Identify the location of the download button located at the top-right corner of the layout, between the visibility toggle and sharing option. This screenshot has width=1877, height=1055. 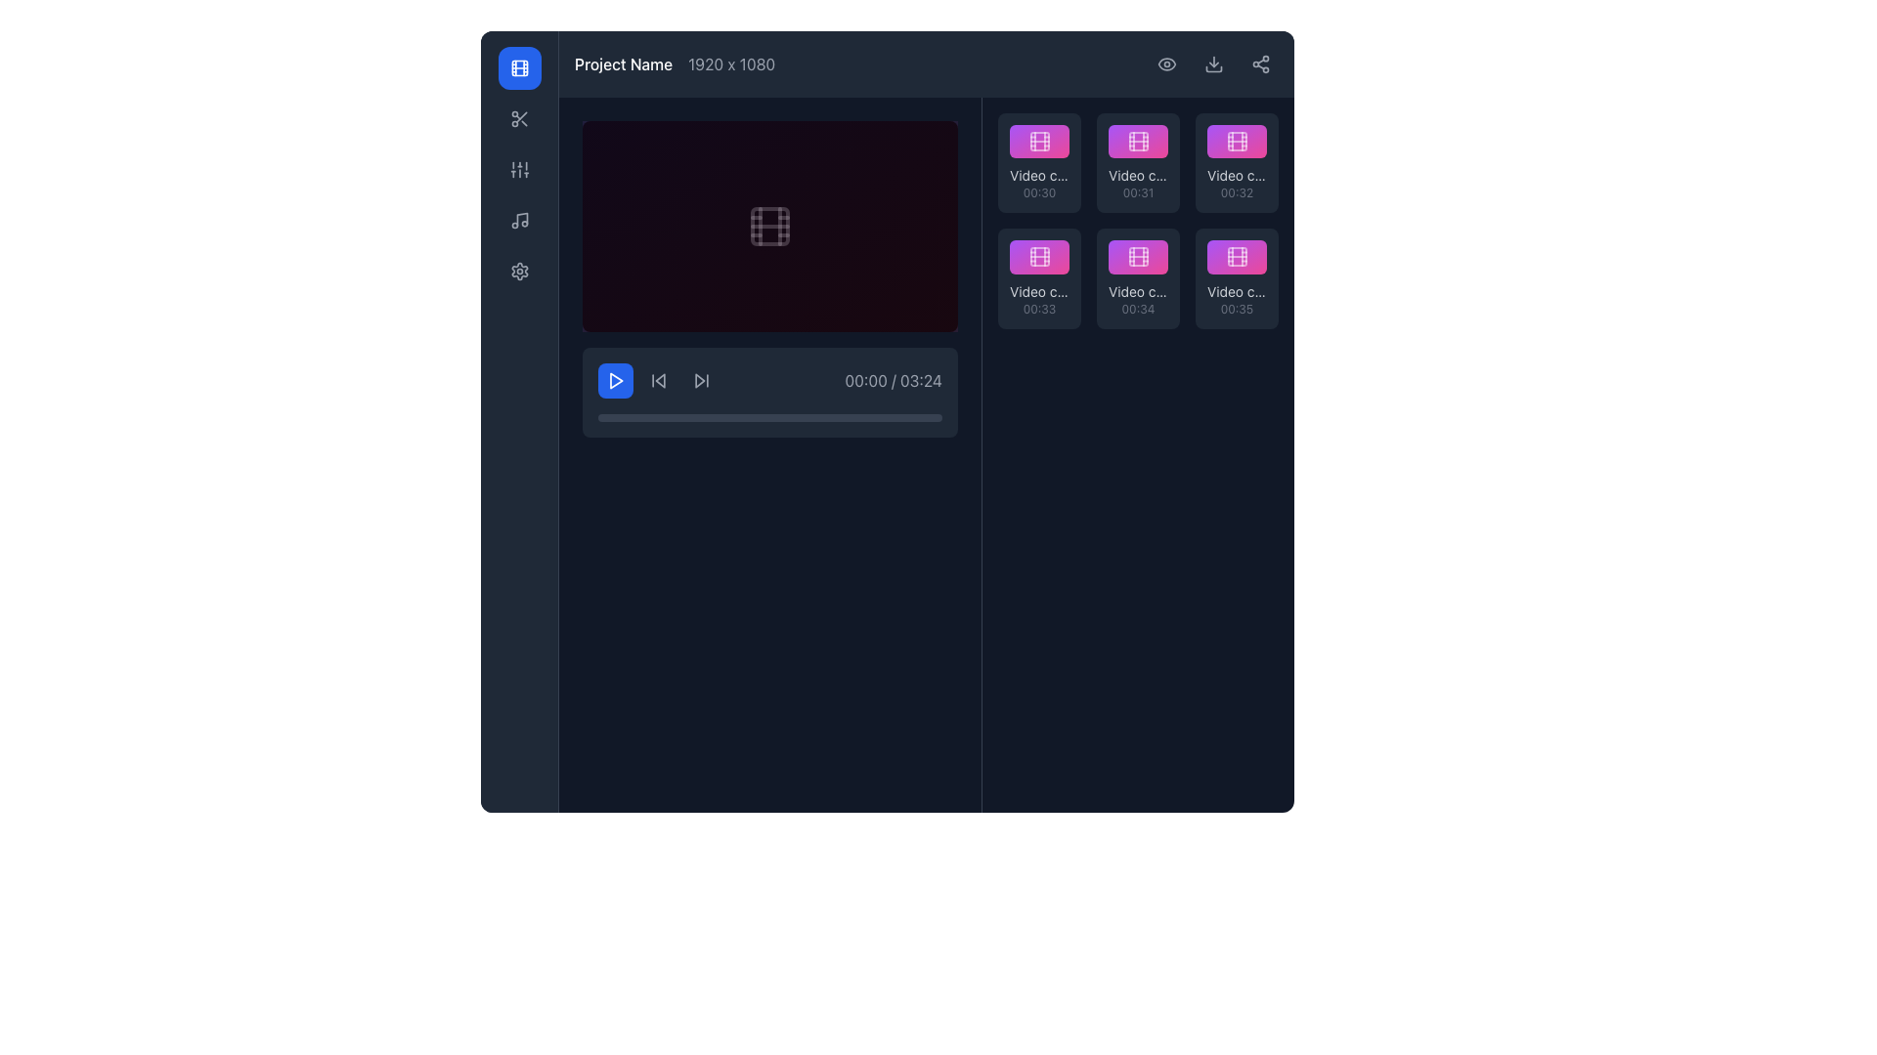
(1213, 63).